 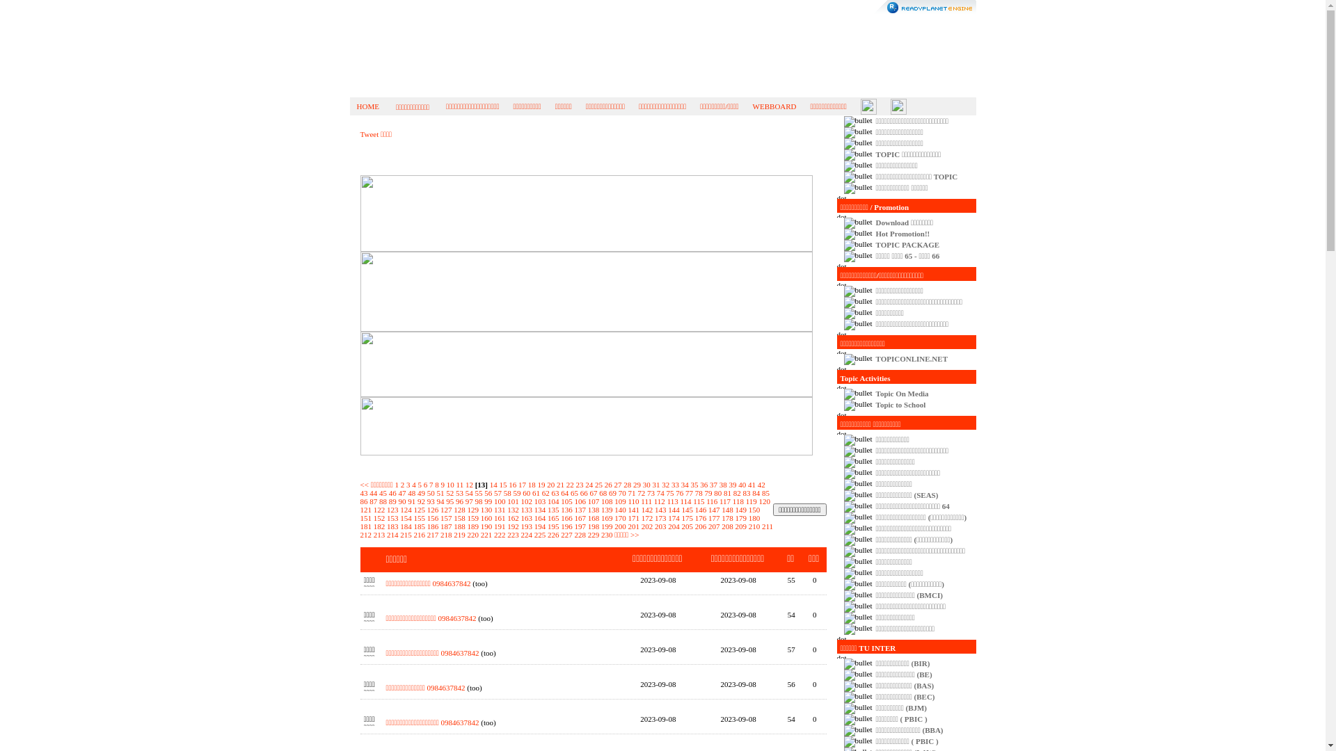 What do you see at coordinates (512, 517) in the screenshot?
I see `'162'` at bounding box center [512, 517].